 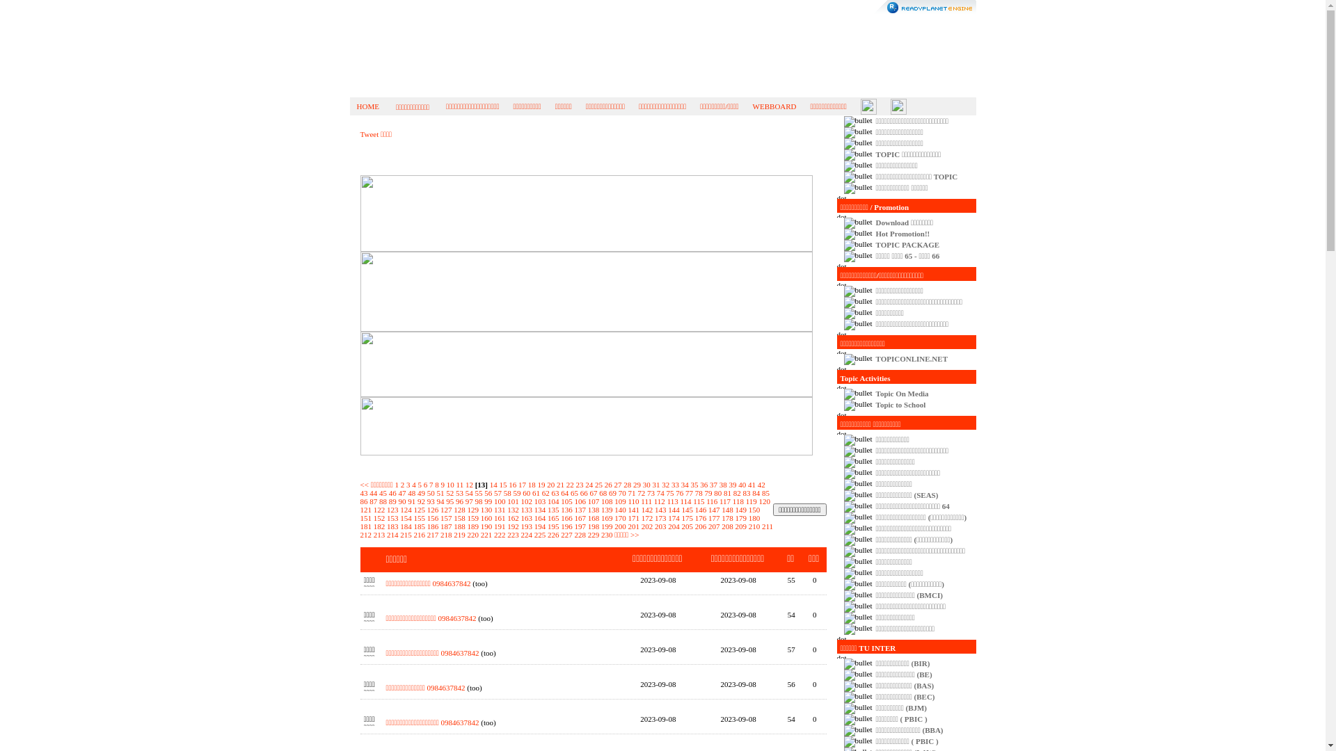 What do you see at coordinates (512, 517) in the screenshot?
I see `'162'` at bounding box center [512, 517].